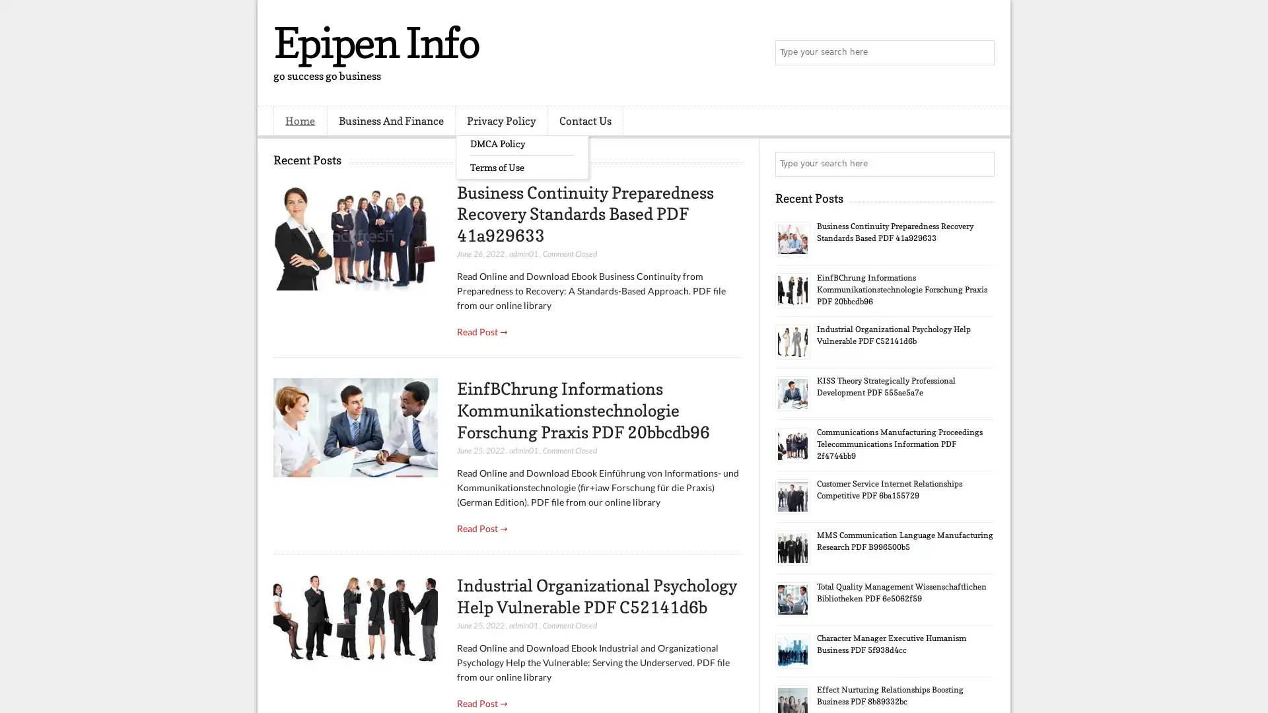 Image resolution: width=1268 pixels, height=713 pixels. I want to click on Search, so click(981, 164).